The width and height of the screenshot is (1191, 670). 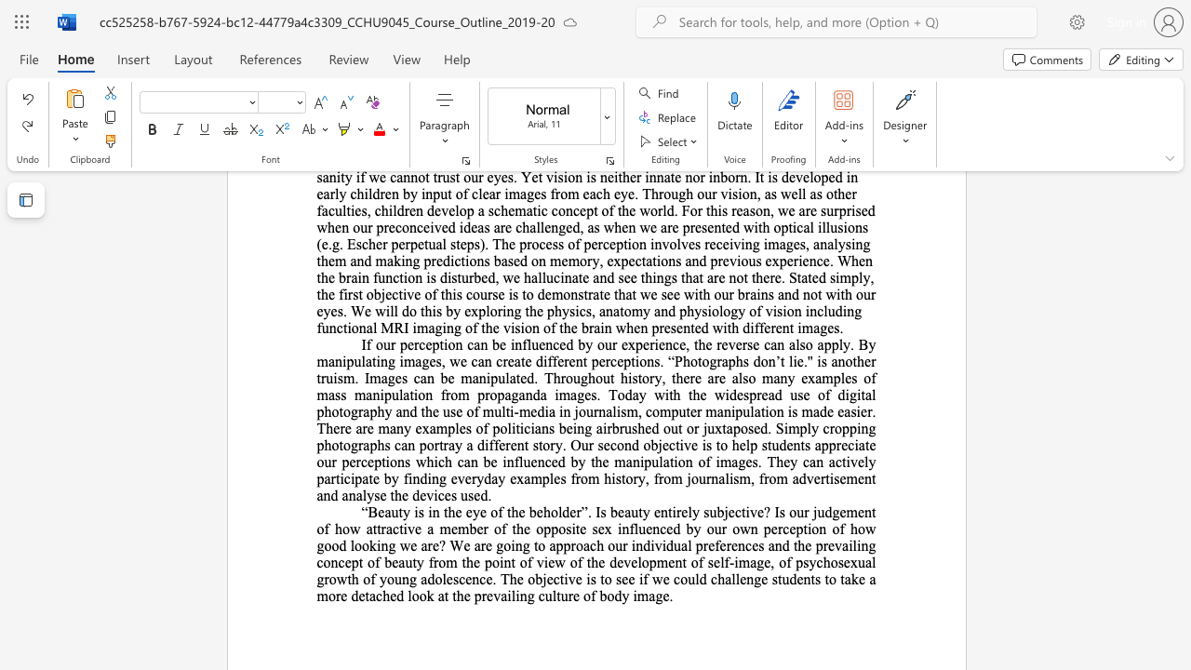 What do you see at coordinates (605, 361) in the screenshot?
I see `the subset text "rceptions. “Photographs don’t lie." within the text "If our perception can be influenced by our experience, the reverse can also apply. By manipulating images, we can create different perceptions. “Photographs don’t lie."` at bounding box center [605, 361].